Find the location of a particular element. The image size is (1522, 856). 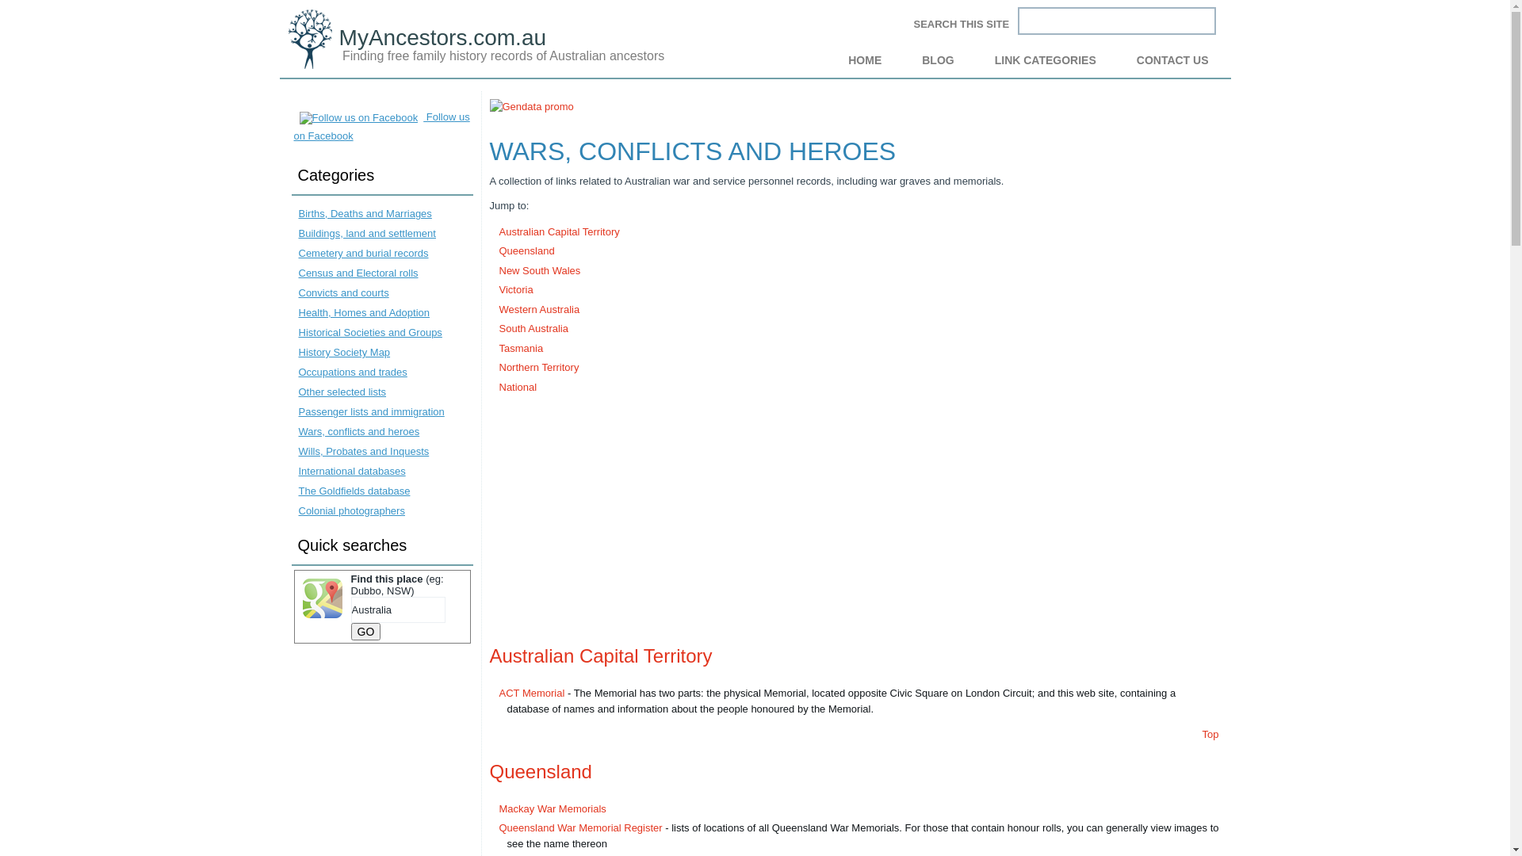

'Cemetery and burial records' is located at coordinates (361, 252).